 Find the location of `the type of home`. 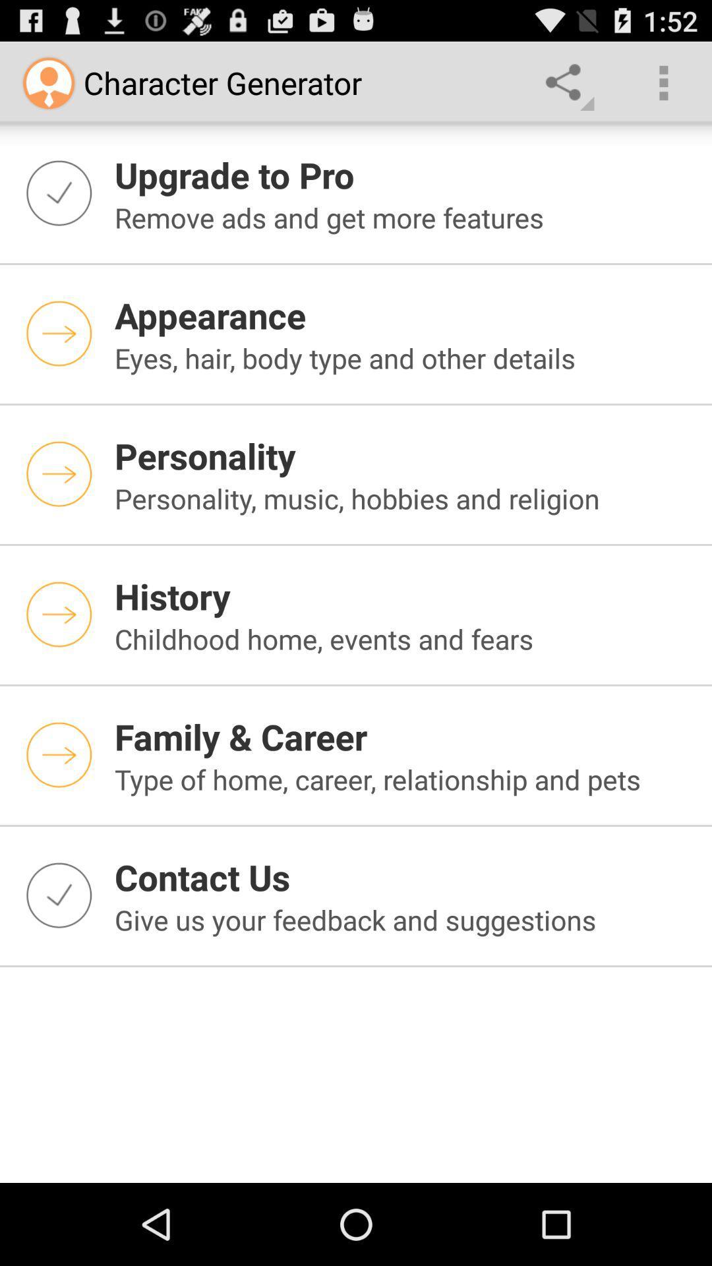

the type of home is located at coordinates (404, 779).